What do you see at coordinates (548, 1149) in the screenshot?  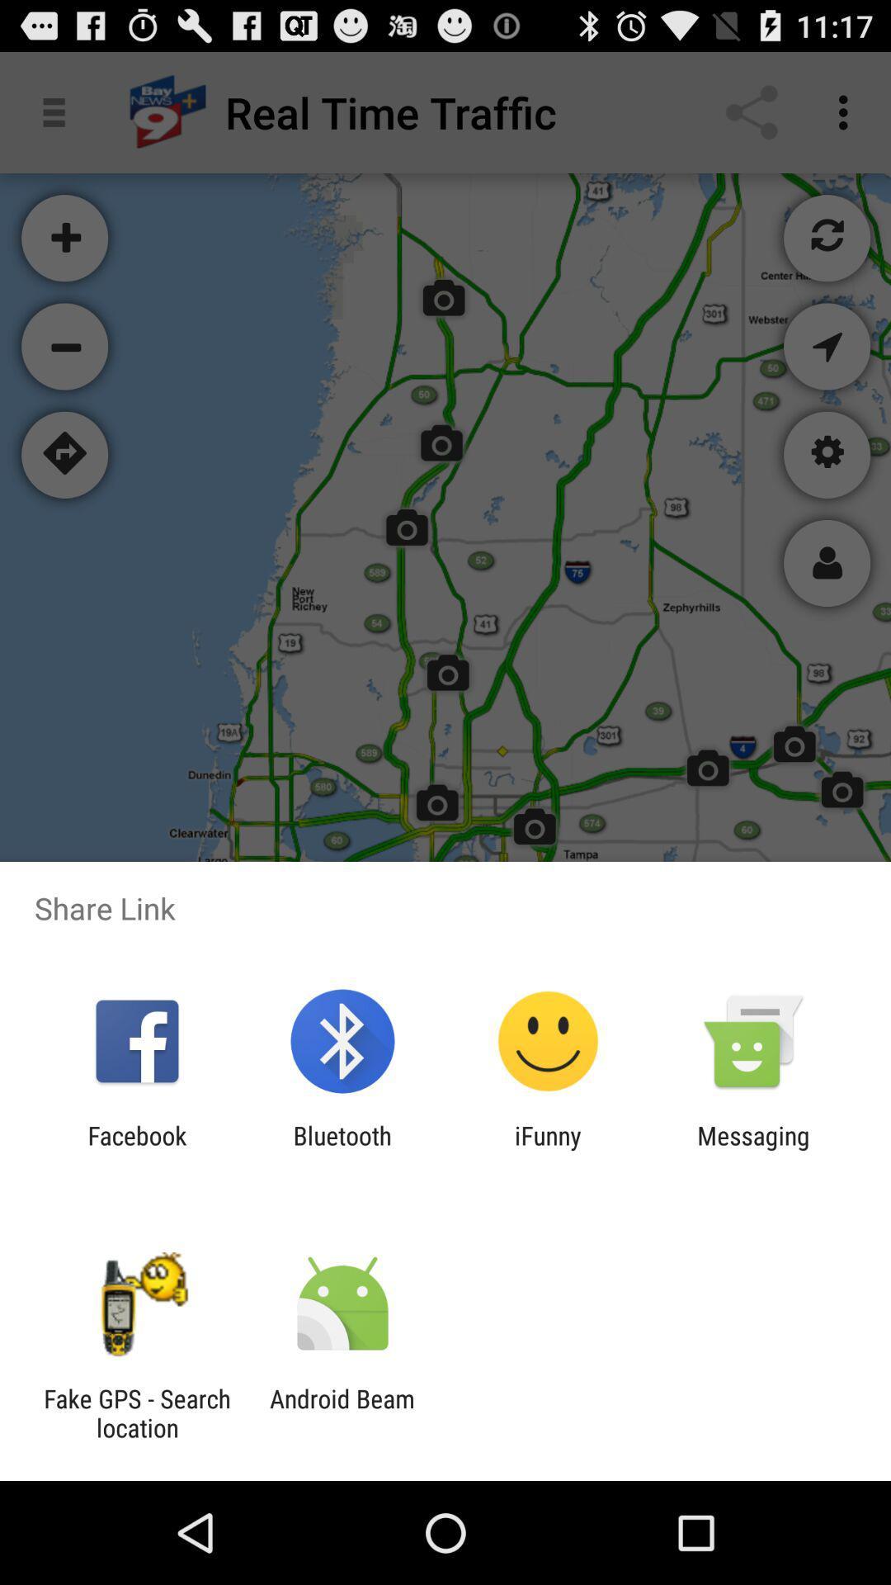 I see `item to the left of messaging item` at bounding box center [548, 1149].